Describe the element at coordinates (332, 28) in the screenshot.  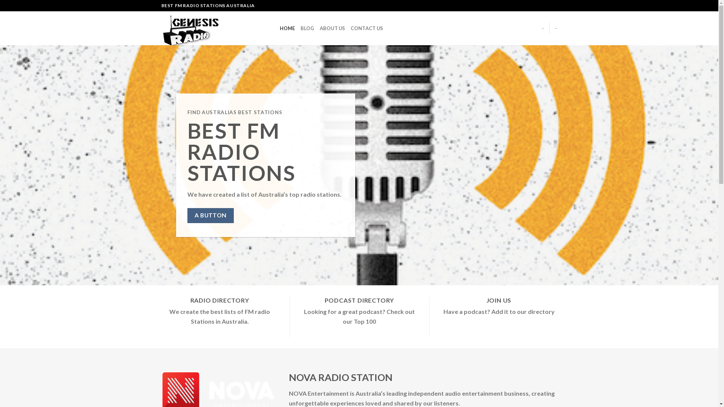
I see `'ABOUT US'` at that location.